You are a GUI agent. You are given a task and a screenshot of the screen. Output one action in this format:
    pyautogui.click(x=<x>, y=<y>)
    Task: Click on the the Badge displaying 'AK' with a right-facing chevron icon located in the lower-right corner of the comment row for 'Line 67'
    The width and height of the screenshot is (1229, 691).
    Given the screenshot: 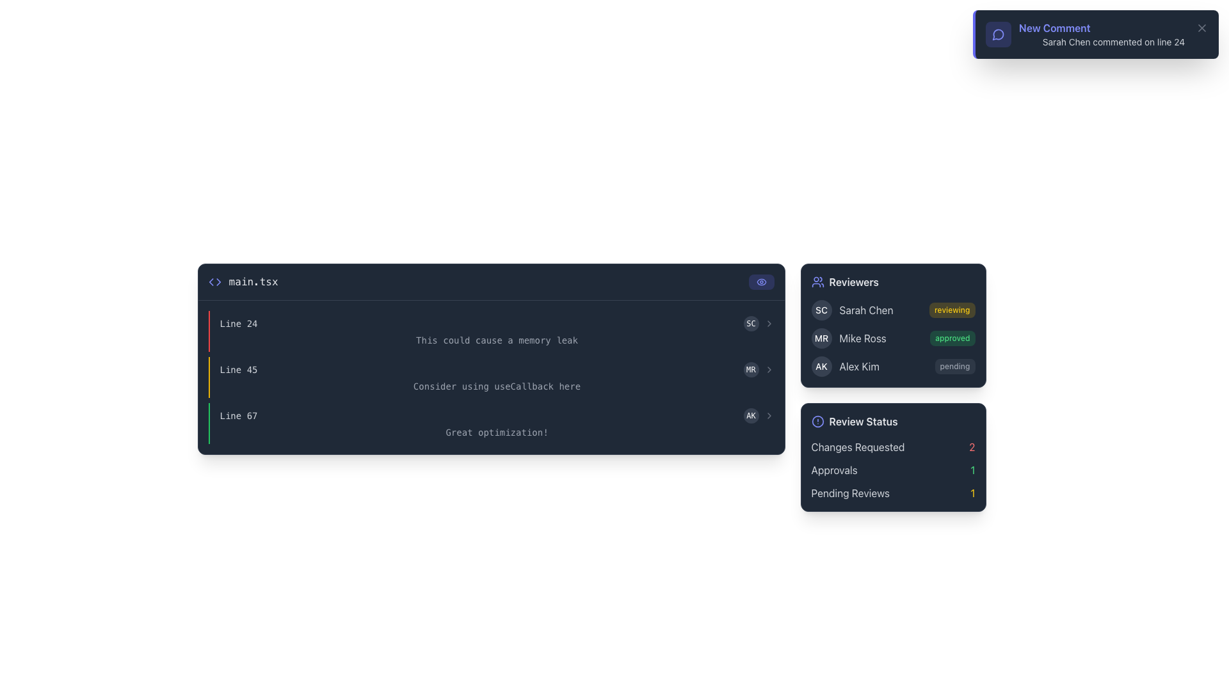 What is the action you would take?
    pyautogui.click(x=759, y=416)
    